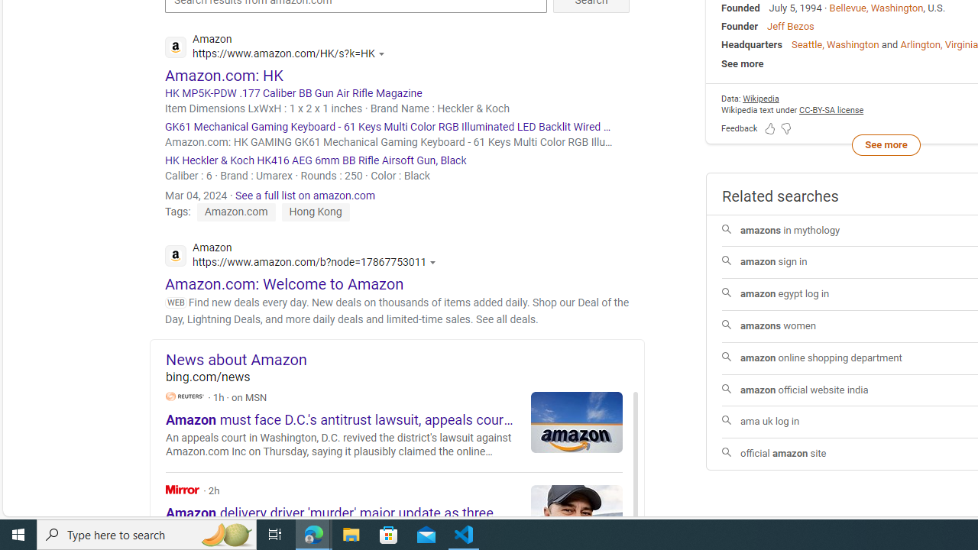 This screenshot has height=550, width=978. I want to click on 'CC-BY-SA license', so click(831, 109).